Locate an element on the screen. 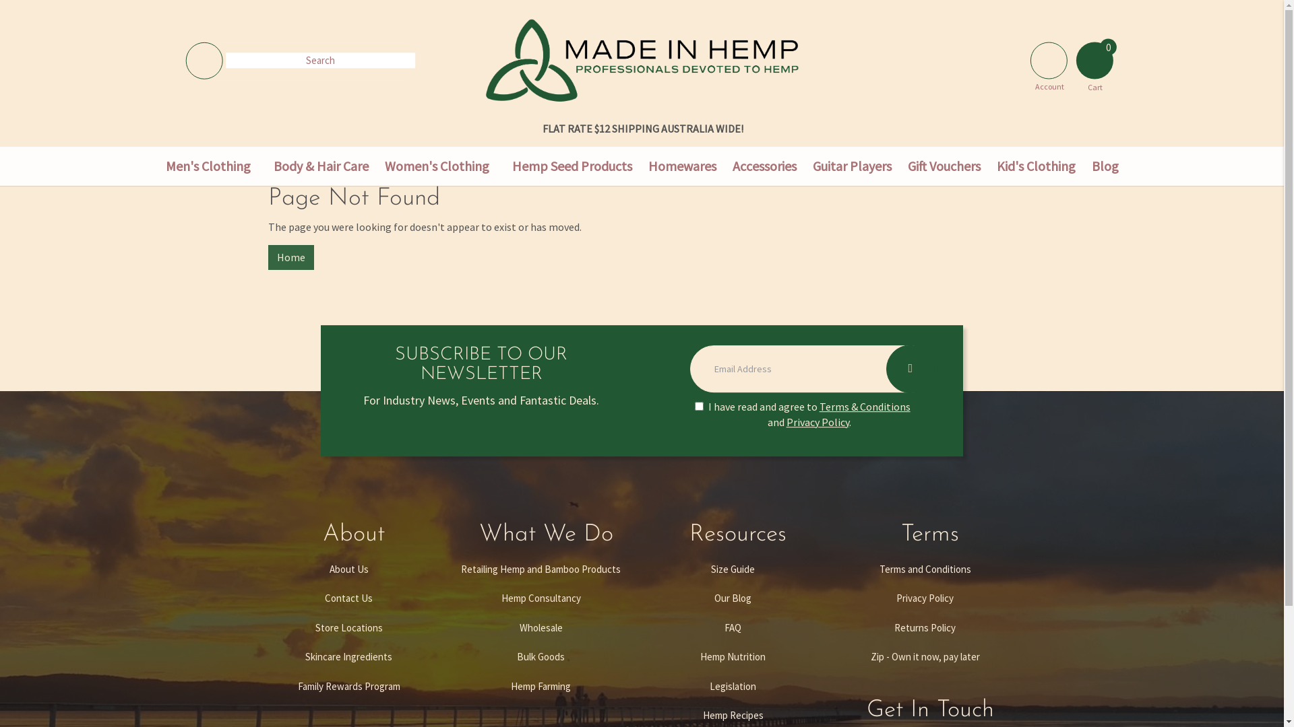 Image resolution: width=1294 pixels, height=727 pixels. 'Retailing Hemp and Bamboo Products' is located at coordinates (541, 569).